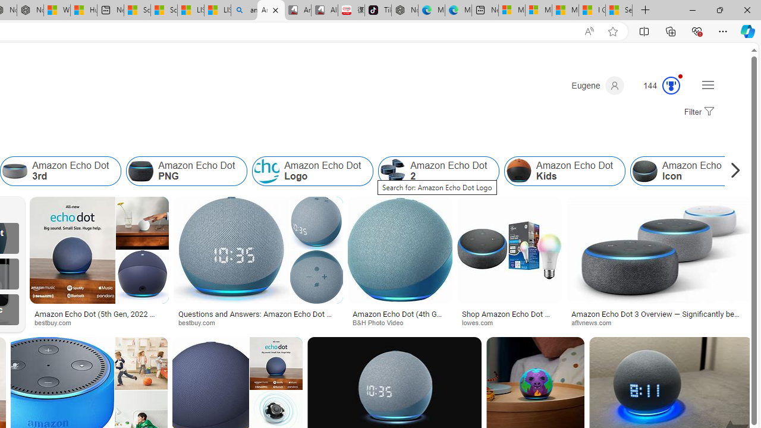 The height and width of the screenshot is (428, 761). What do you see at coordinates (708, 84) in the screenshot?
I see `'Settings and quick links'` at bounding box center [708, 84].